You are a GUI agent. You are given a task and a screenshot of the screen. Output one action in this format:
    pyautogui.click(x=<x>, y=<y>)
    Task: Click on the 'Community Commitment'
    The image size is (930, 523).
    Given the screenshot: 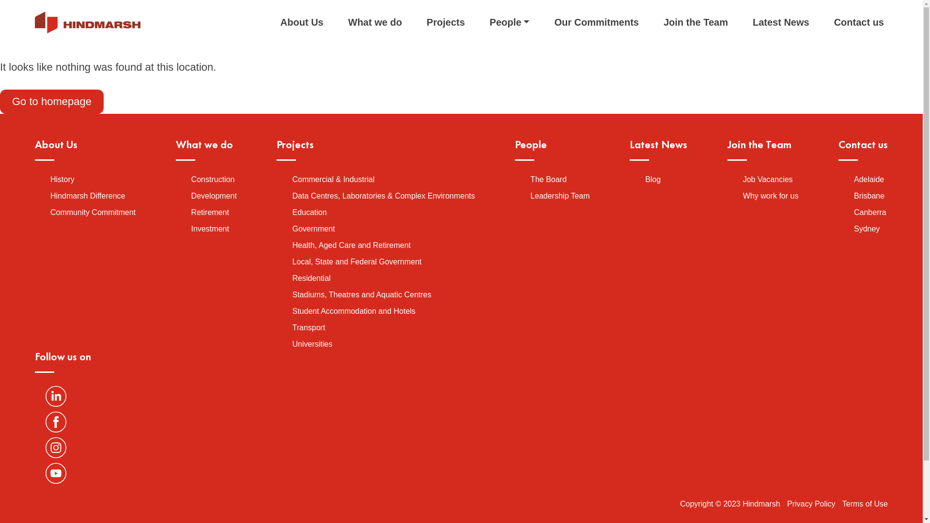 What is the action you would take?
    pyautogui.click(x=93, y=212)
    